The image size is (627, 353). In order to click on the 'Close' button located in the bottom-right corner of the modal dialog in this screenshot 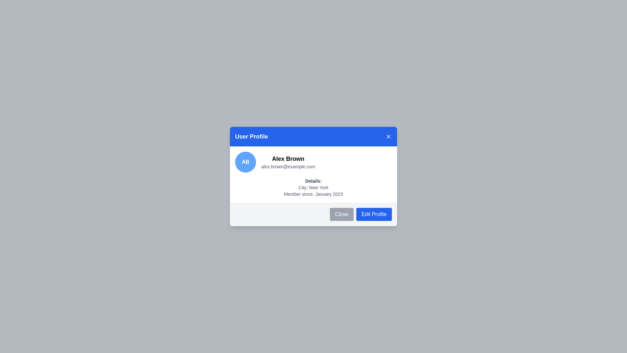, I will do `click(341, 214)`.